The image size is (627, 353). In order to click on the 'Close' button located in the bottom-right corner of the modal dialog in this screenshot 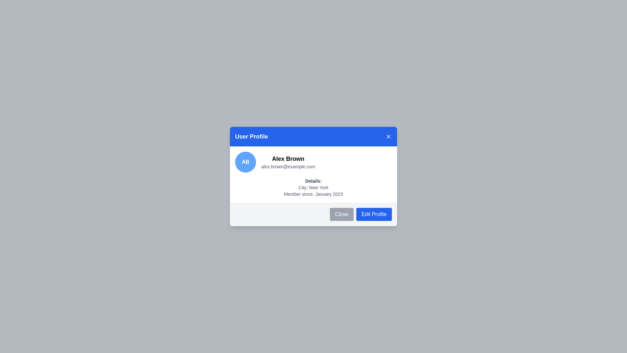, I will do `click(341, 214)`.